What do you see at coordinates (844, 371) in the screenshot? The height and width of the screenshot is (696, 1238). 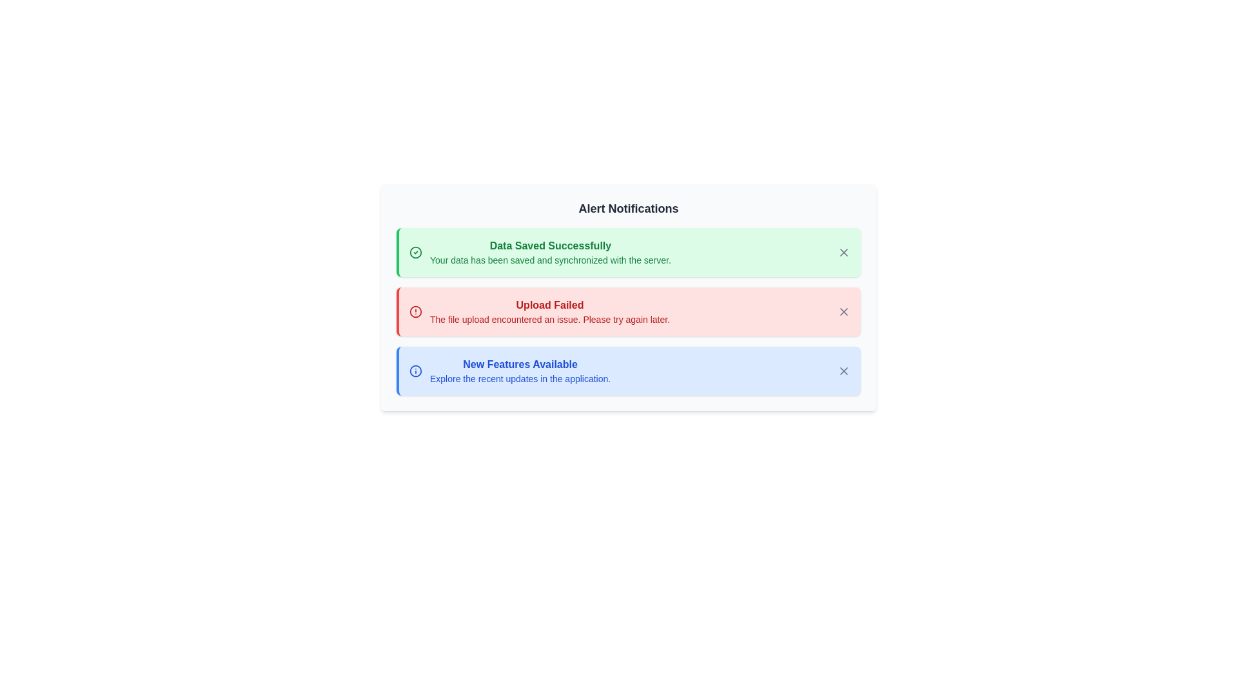 I see `close button for the alert titled 'New Features Available'` at bounding box center [844, 371].